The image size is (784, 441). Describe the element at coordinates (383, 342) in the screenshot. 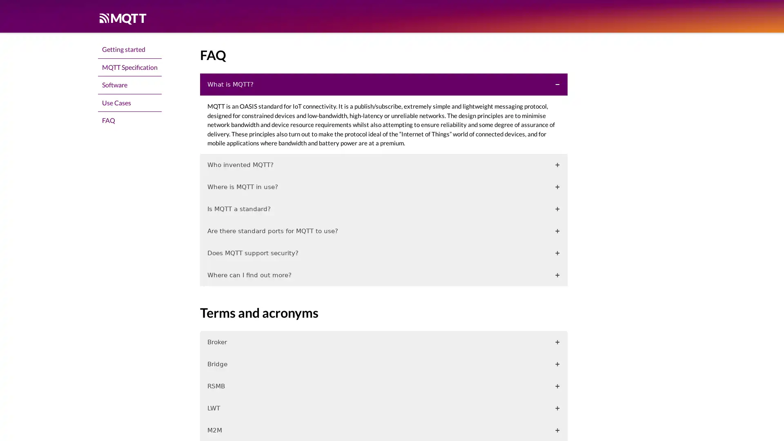

I see `Broker +` at that location.